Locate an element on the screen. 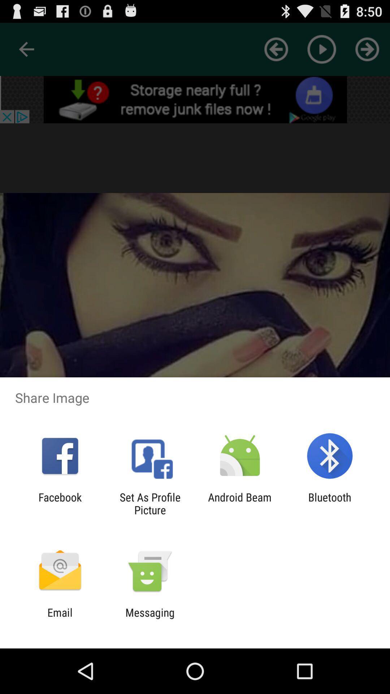 The width and height of the screenshot is (390, 694). item next to the facebook is located at coordinates (149, 503).